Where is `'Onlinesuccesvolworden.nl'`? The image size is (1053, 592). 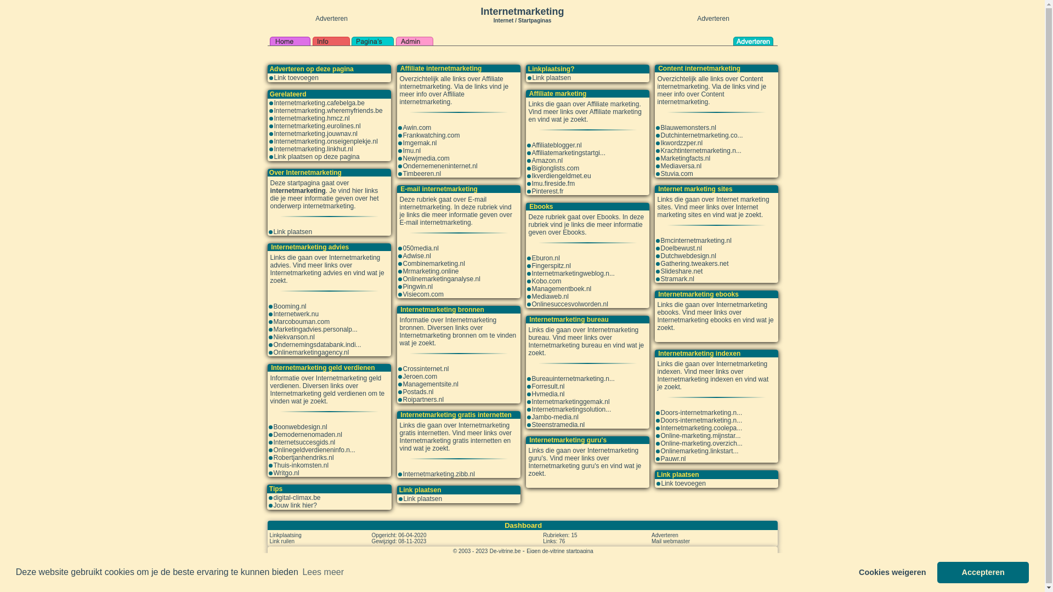
'Onlinesuccesvolworden.nl' is located at coordinates (570, 304).